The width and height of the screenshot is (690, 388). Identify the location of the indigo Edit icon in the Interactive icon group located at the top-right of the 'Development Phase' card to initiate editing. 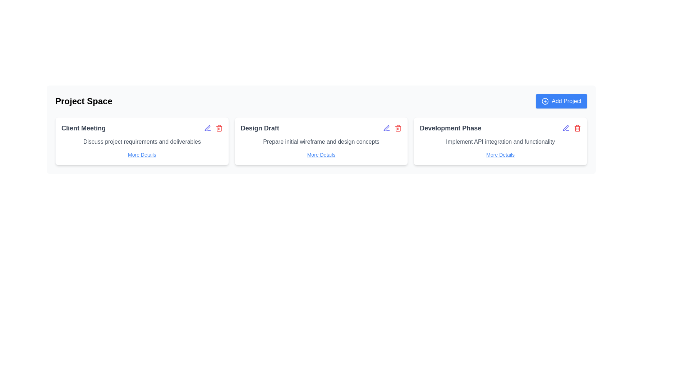
(571, 128).